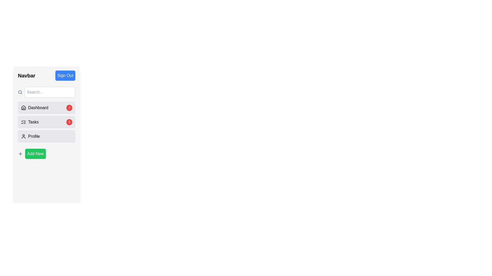 Image resolution: width=492 pixels, height=276 pixels. Describe the element at coordinates (47, 107) in the screenshot. I see `the 'Dashboard' button with a house icon and badge showing '2'` at that location.